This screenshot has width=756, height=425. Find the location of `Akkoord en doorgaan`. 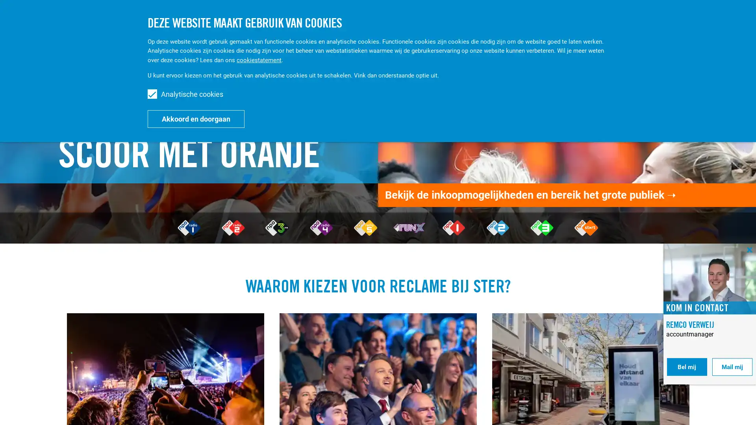

Akkoord en doorgaan is located at coordinates (196, 118).